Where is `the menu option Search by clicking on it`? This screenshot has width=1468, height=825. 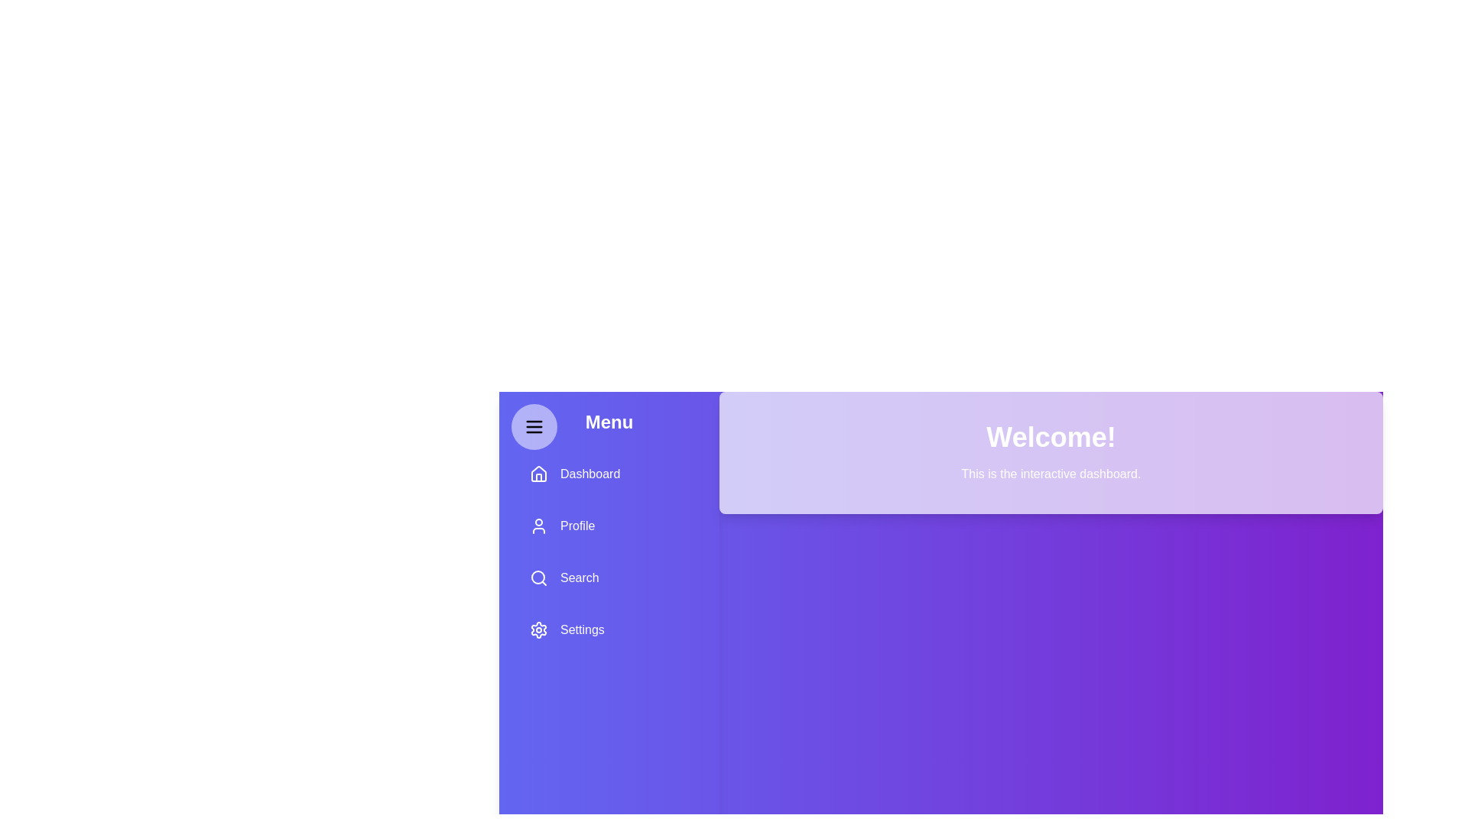
the menu option Search by clicking on it is located at coordinates (608, 577).